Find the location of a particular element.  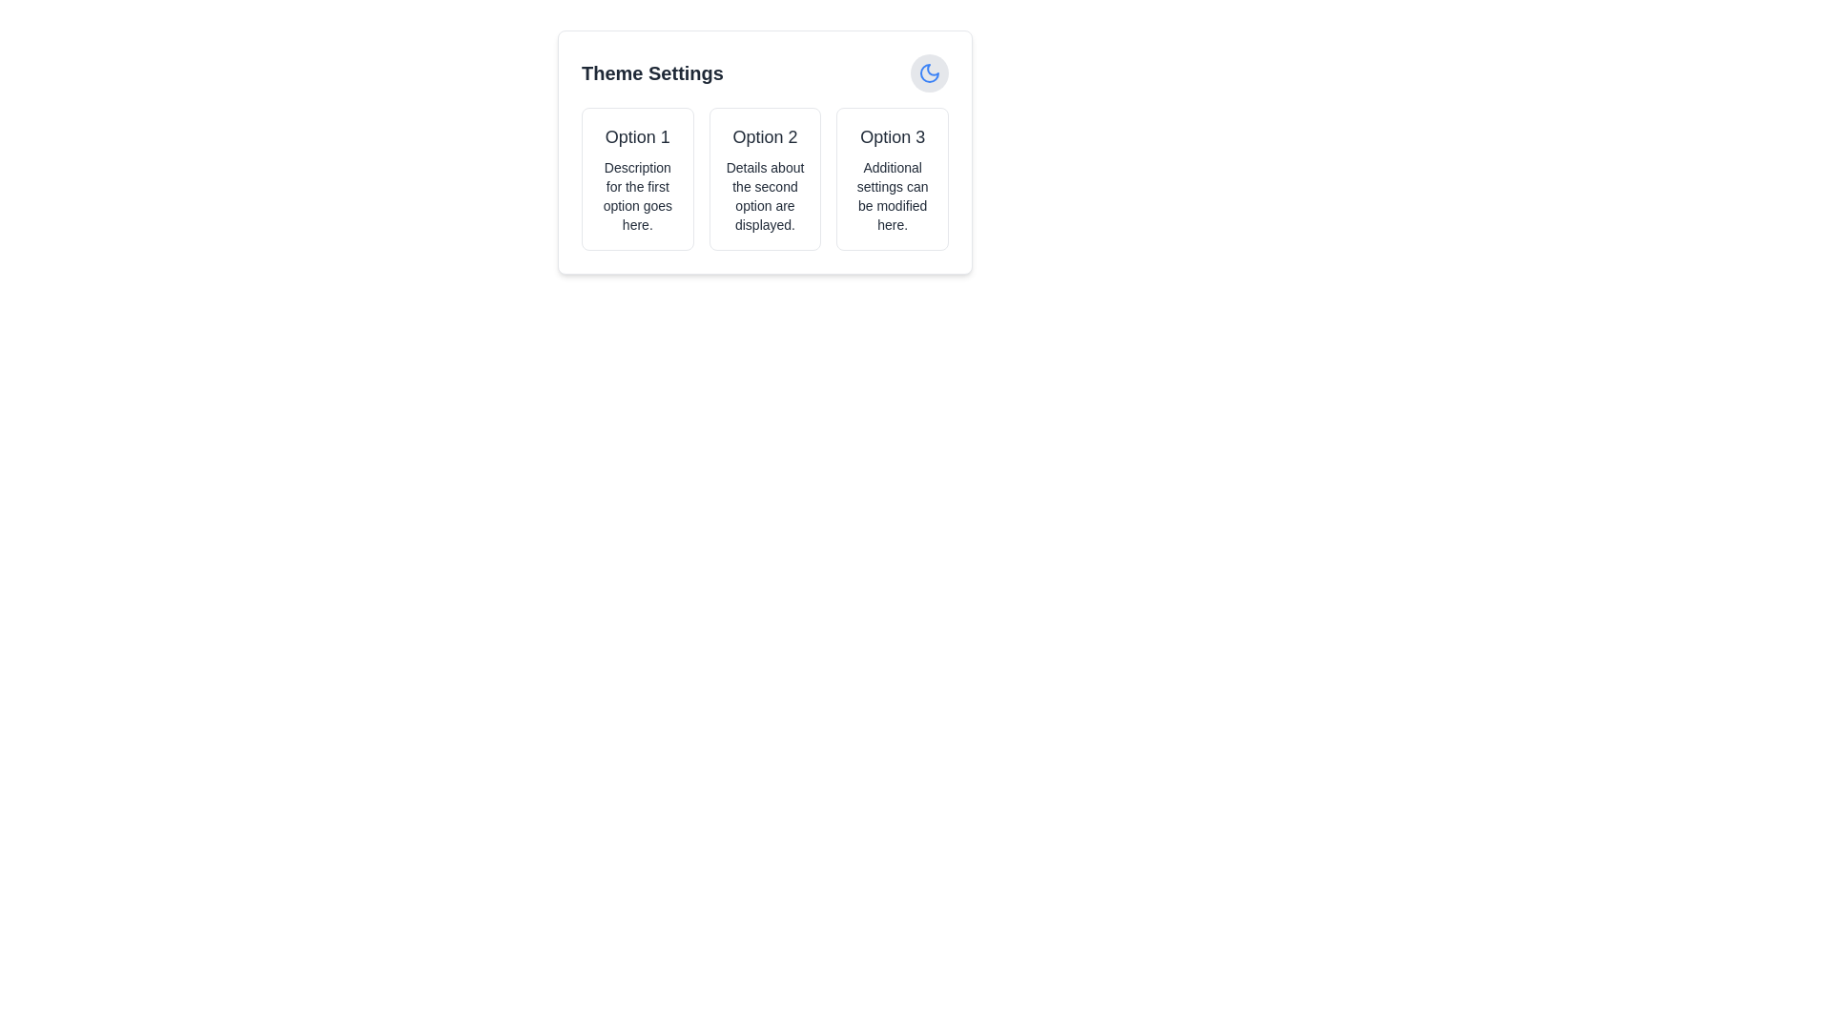

the 'Option 2' text label located at the top of the second card, which is under the 'Theme Settings' heading and between 'Option 1' and 'Option 3' is located at coordinates (765, 135).